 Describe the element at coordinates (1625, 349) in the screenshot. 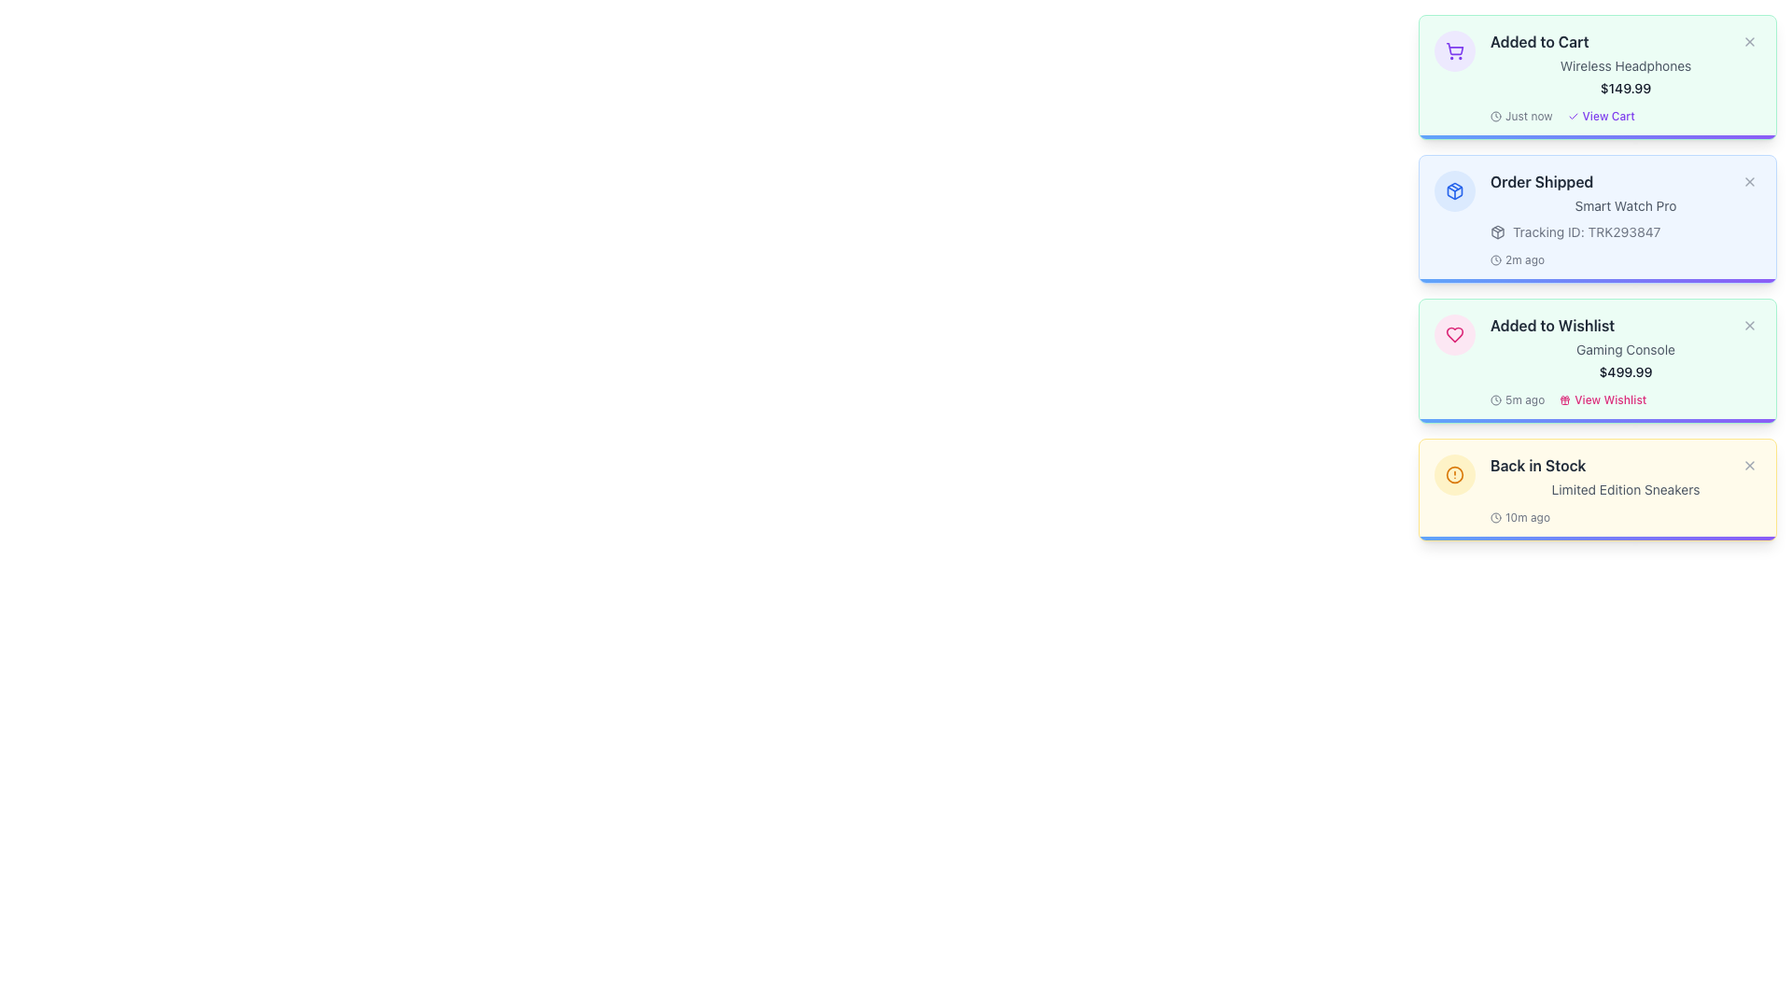

I see `the static text label that describes the product added to the wishlist, located beneath the 'Added to Wishlist' header and above the price '$499.99'` at that location.